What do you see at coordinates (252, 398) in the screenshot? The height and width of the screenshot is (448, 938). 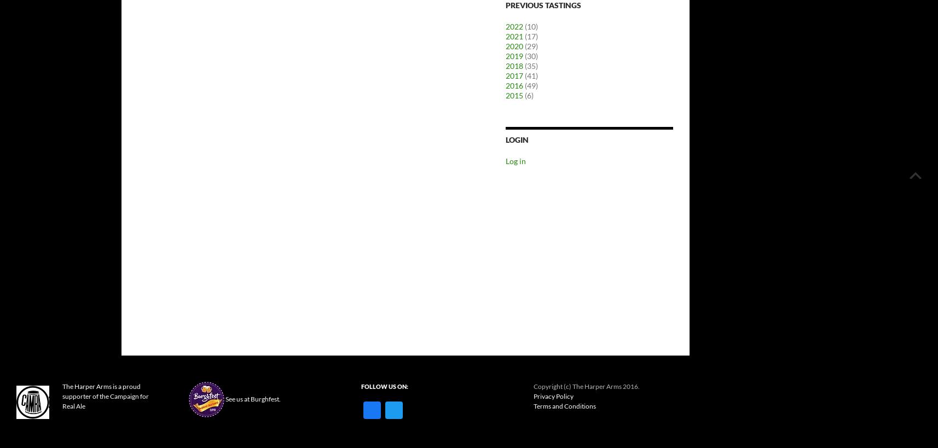 I see `'See us at Burghfest.'` at bounding box center [252, 398].